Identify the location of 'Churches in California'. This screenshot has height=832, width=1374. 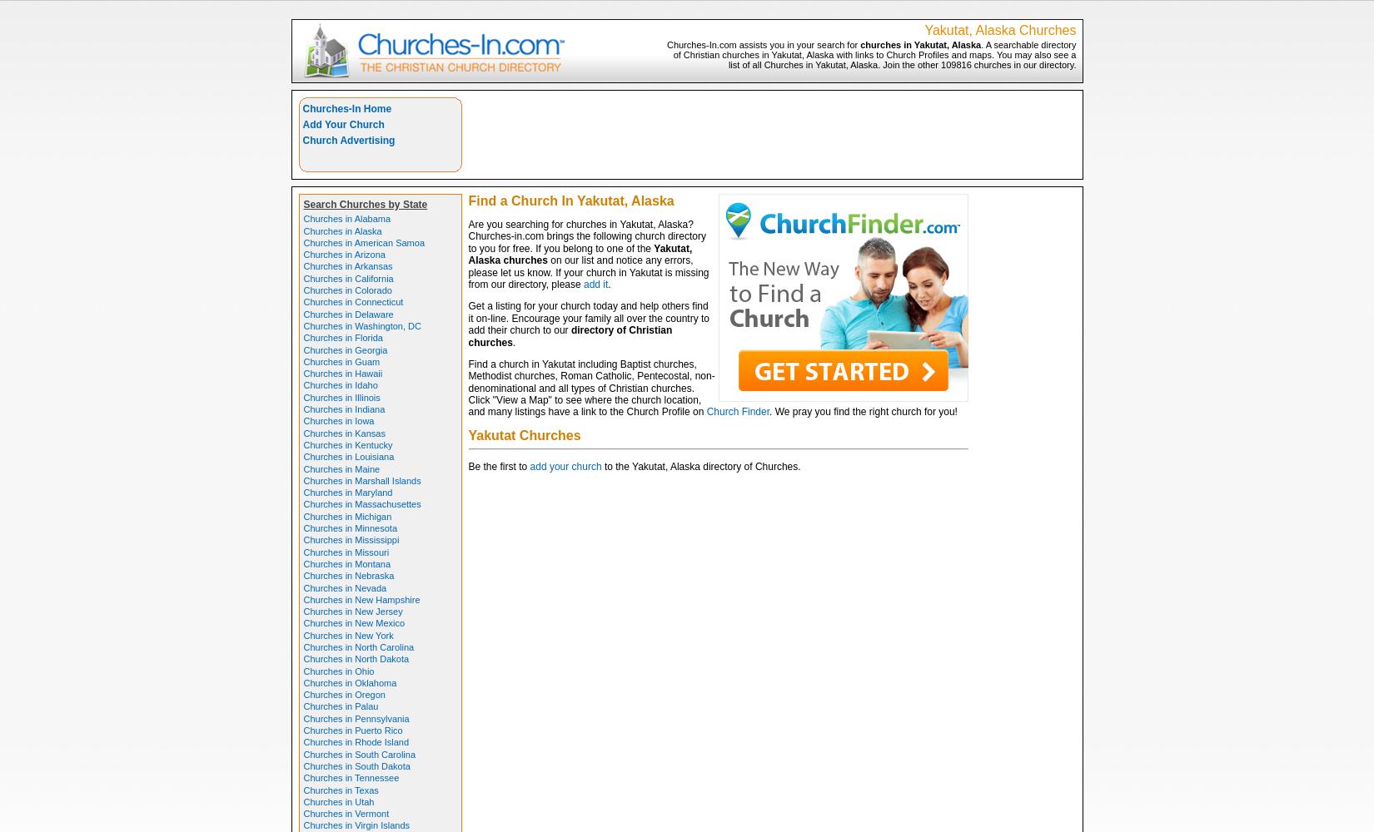
(346, 277).